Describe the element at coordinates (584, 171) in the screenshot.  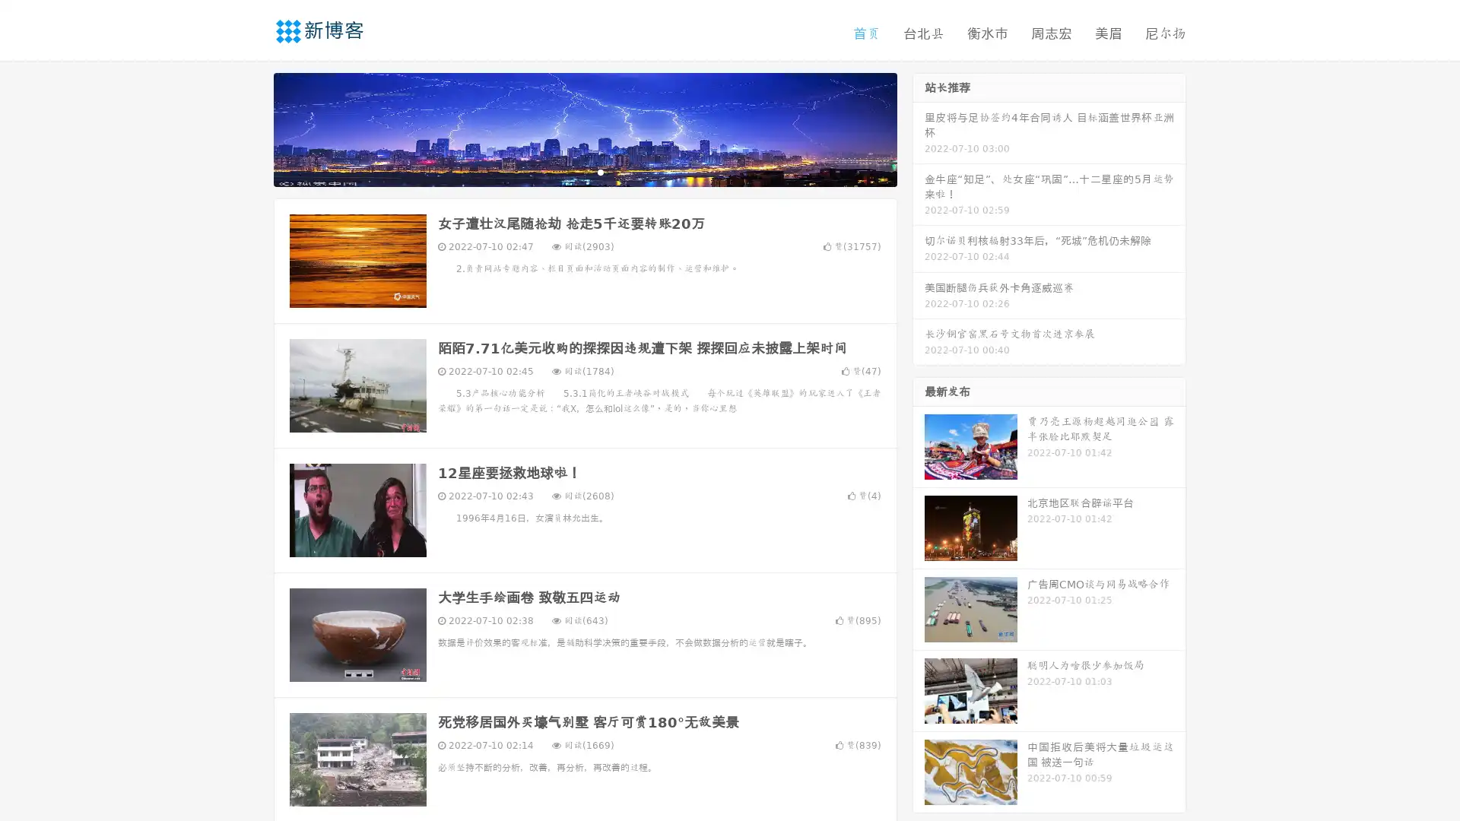
I see `Go to slide 2` at that location.